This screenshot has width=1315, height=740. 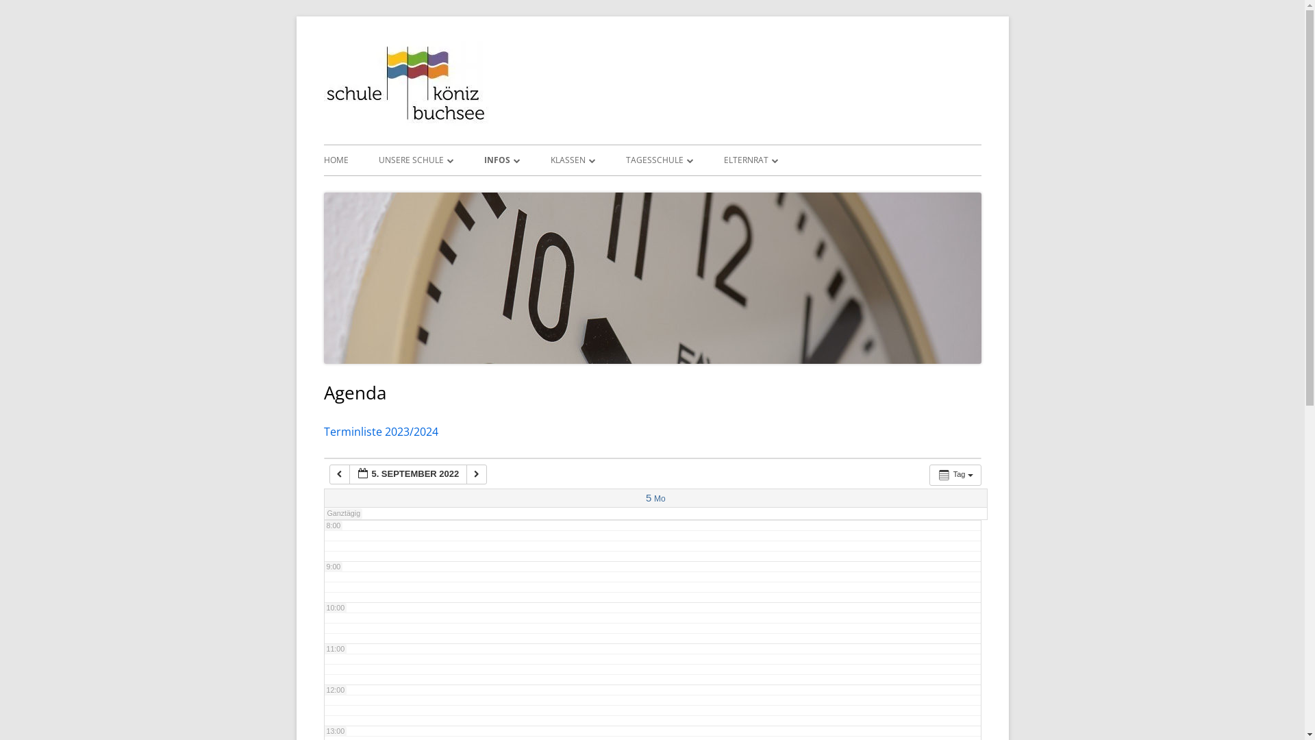 What do you see at coordinates (414, 160) in the screenshot?
I see `'UNSERE SCHULE'` at bounding box center [414, 160].